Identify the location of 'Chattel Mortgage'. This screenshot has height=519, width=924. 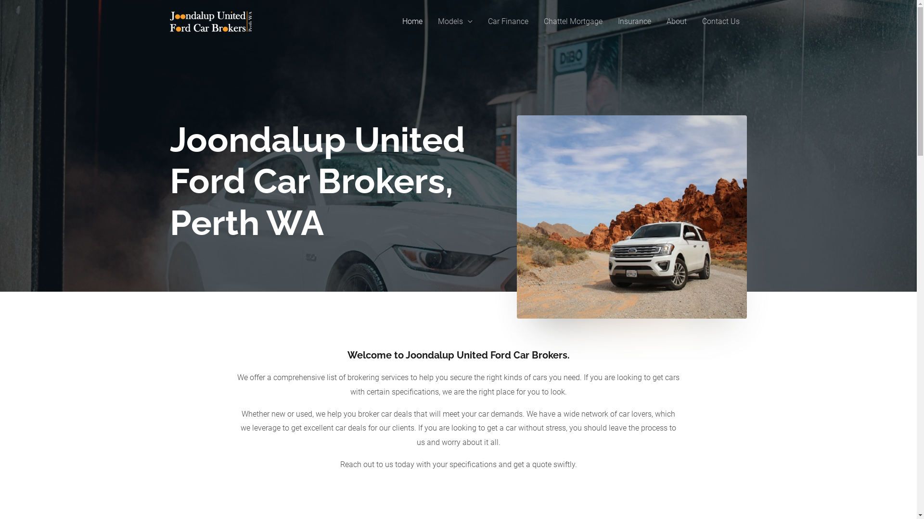
(535, 22).